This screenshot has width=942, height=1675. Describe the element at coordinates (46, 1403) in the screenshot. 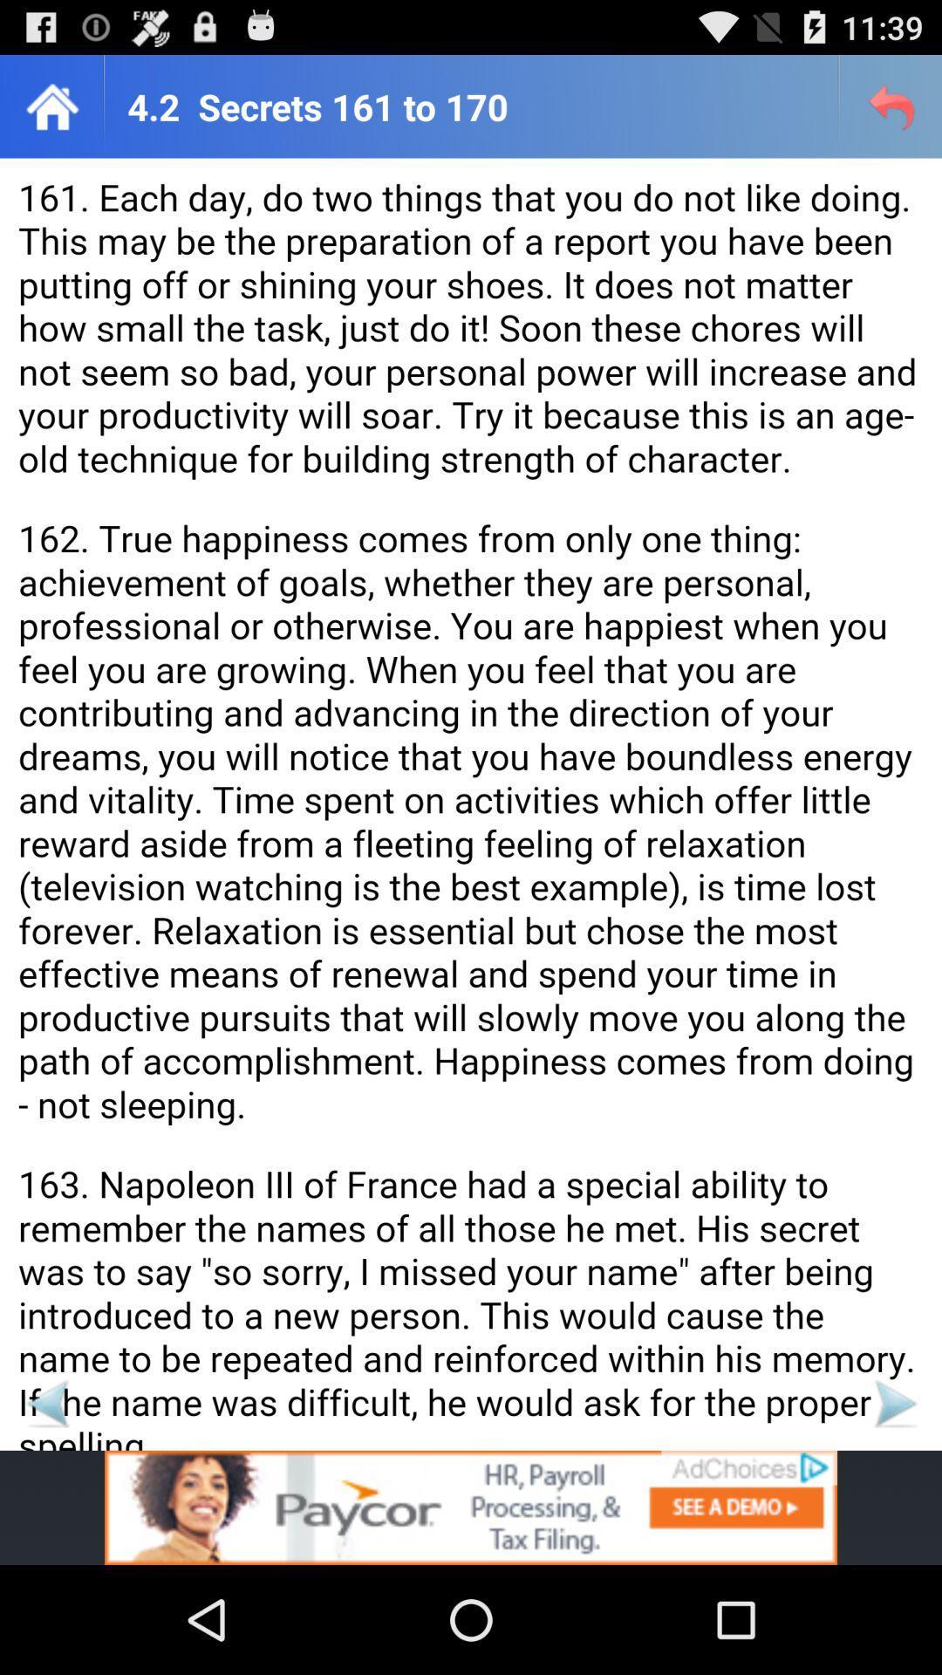

I see `turn page` at that location.